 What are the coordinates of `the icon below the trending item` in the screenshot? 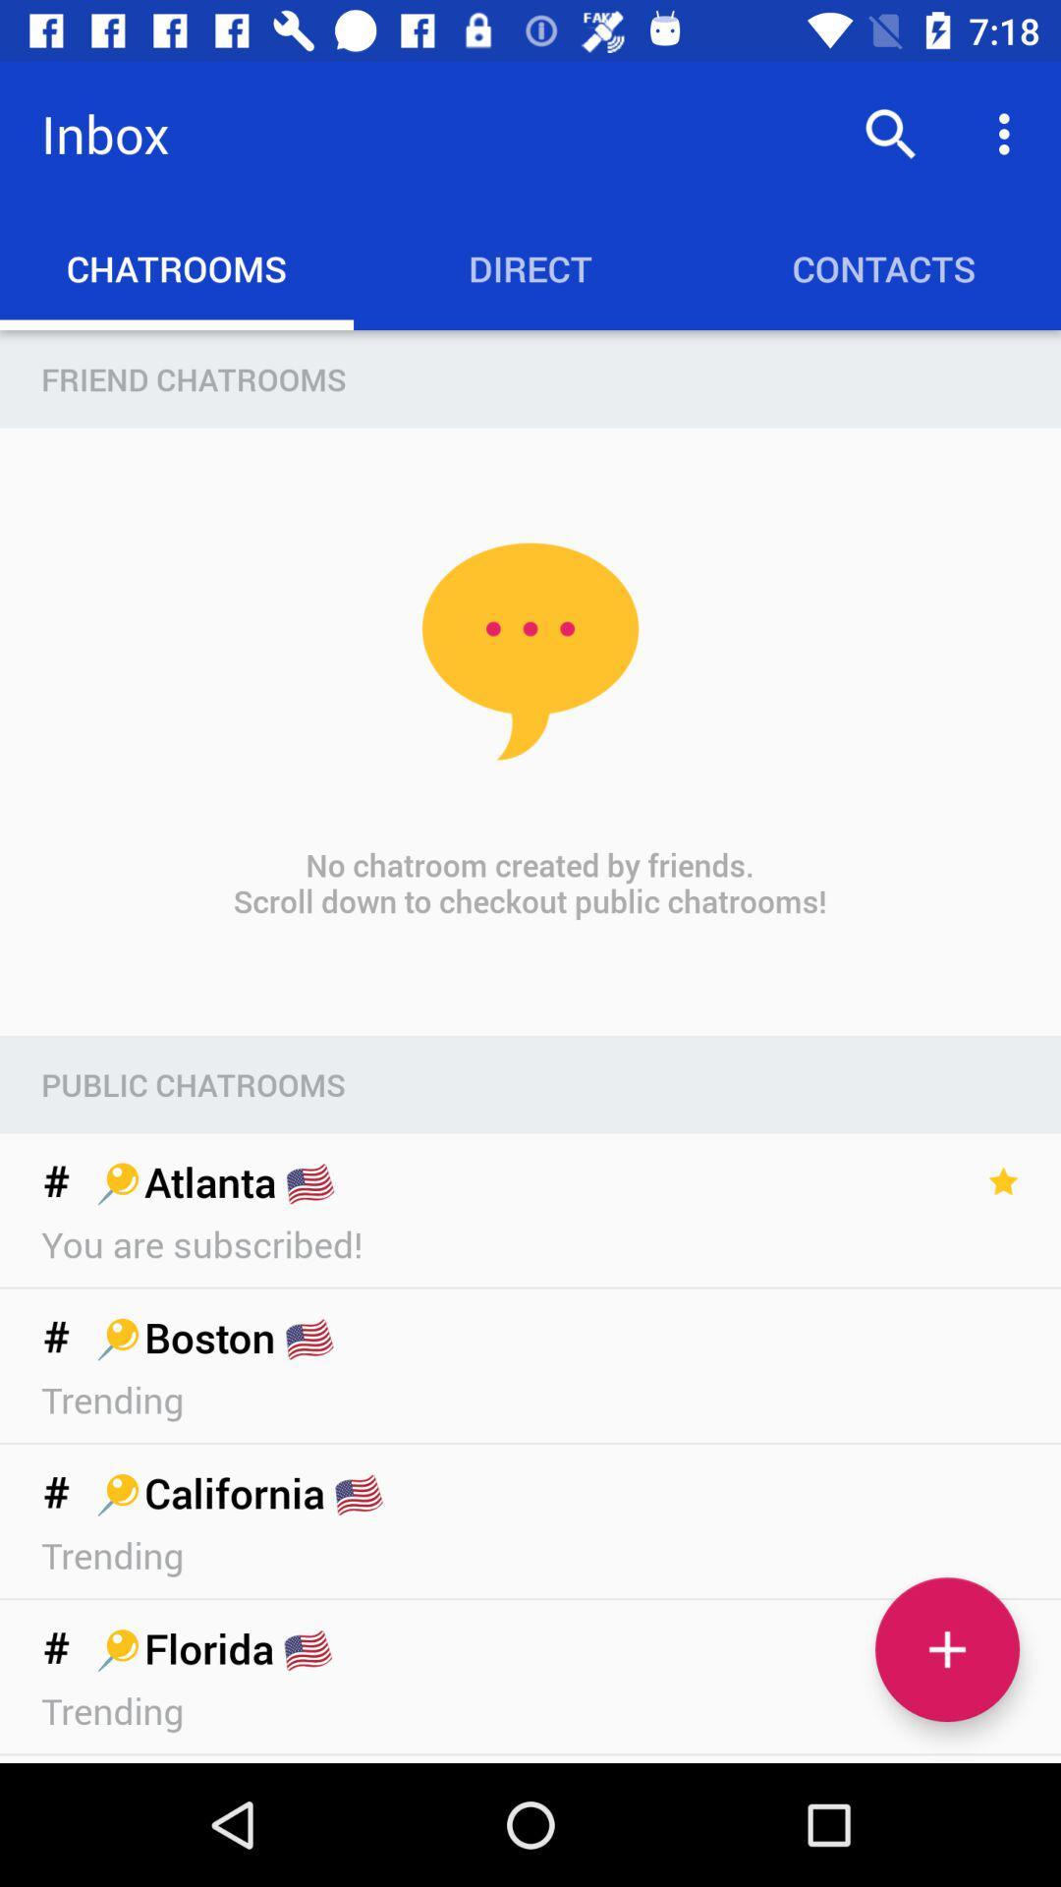 It's located at (946, 1649).